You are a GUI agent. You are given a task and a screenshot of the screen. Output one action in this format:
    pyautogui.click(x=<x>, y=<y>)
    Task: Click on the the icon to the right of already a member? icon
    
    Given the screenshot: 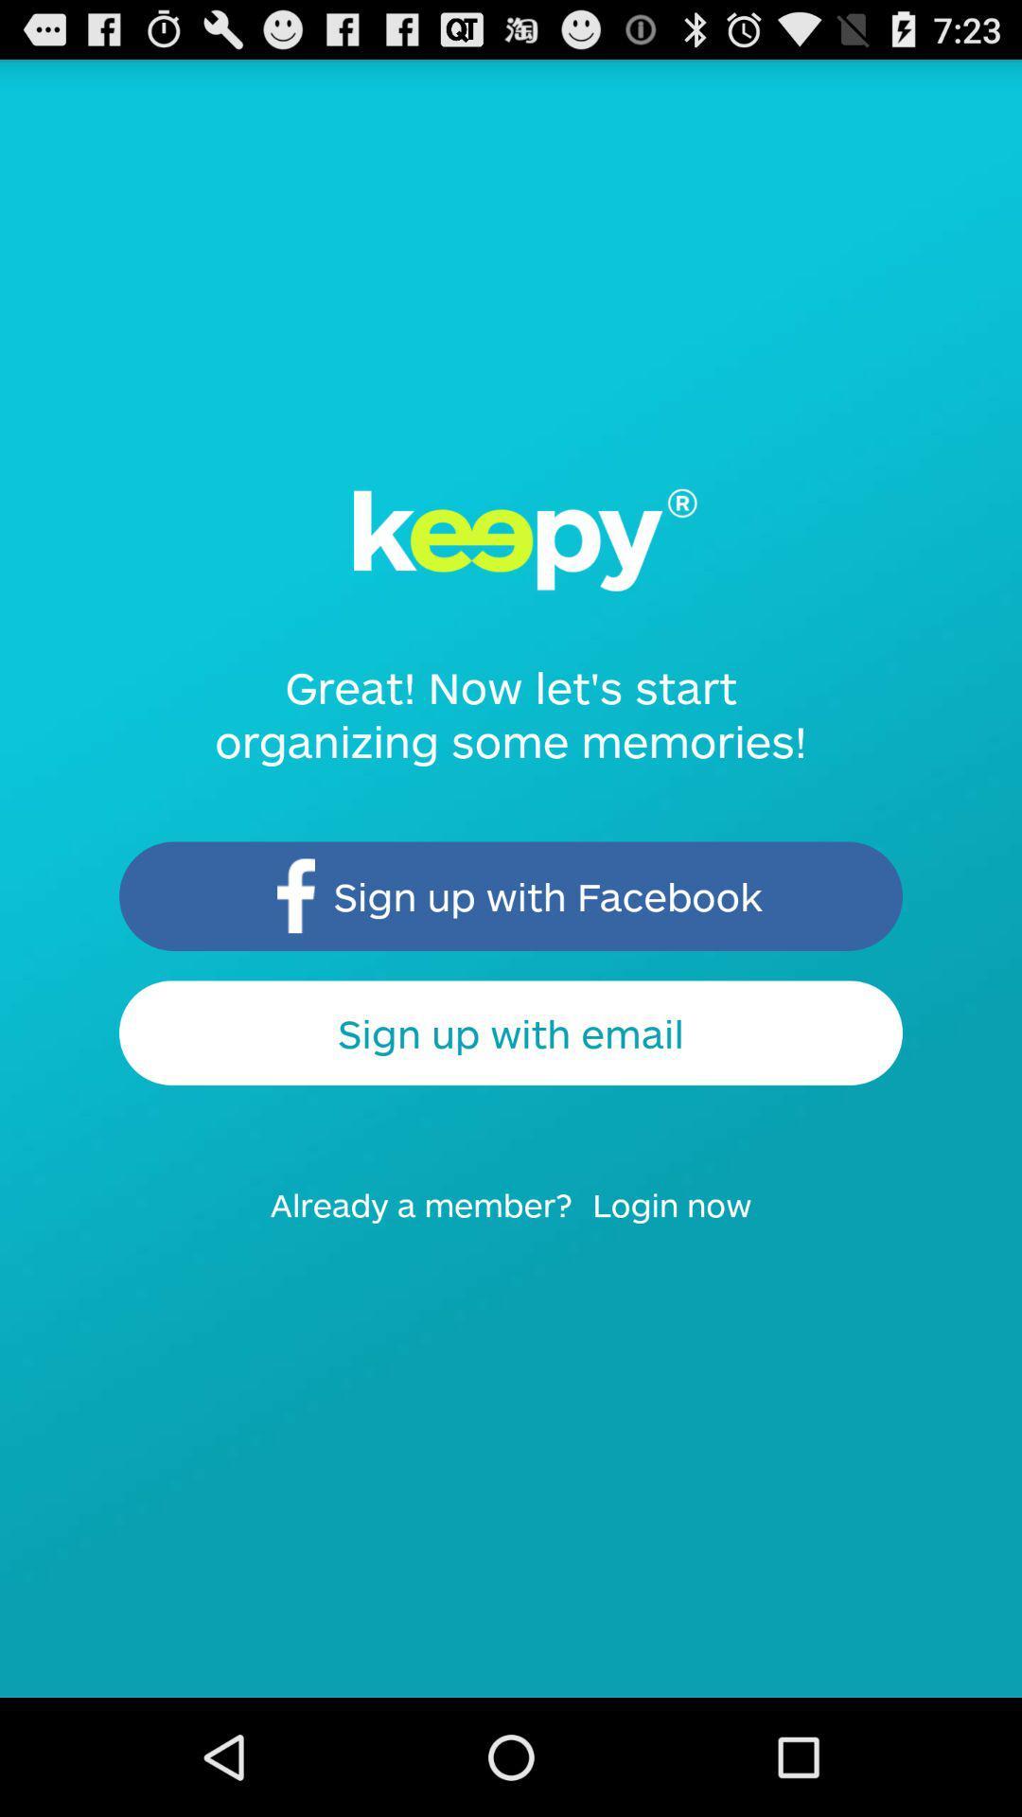 What is the action you would take?
    pyautogui.click(x=684, y=1223)
    